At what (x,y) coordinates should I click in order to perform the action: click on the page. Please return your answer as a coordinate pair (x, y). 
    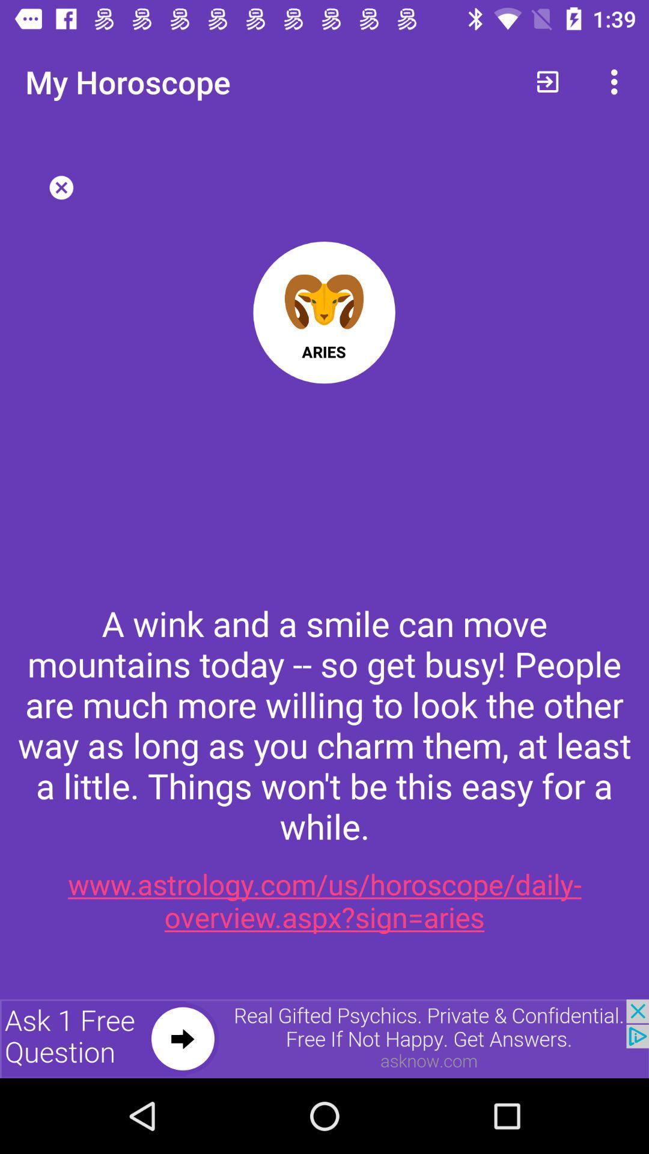
    Looking at the image, I should click on (61, 187).